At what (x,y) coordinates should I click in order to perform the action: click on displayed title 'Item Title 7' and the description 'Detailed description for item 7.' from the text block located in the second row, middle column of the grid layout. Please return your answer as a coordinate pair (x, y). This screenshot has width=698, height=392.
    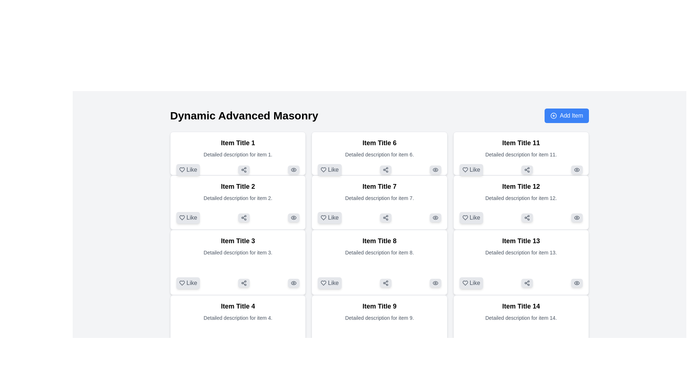
    Looking at the image, I should click on (379, 193).